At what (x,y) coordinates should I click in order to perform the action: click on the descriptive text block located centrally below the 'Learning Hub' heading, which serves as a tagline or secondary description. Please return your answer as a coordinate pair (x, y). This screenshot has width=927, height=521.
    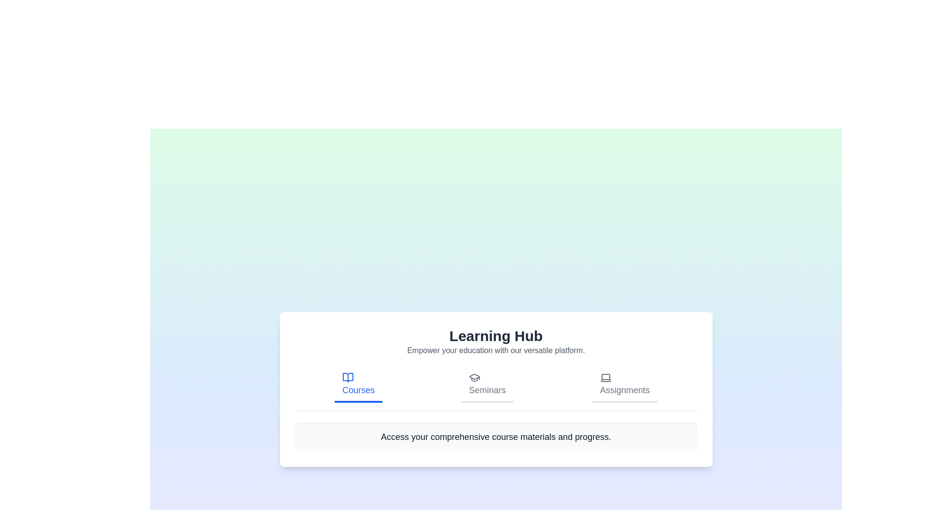
    Looking at the image, I should click on (496, 350).